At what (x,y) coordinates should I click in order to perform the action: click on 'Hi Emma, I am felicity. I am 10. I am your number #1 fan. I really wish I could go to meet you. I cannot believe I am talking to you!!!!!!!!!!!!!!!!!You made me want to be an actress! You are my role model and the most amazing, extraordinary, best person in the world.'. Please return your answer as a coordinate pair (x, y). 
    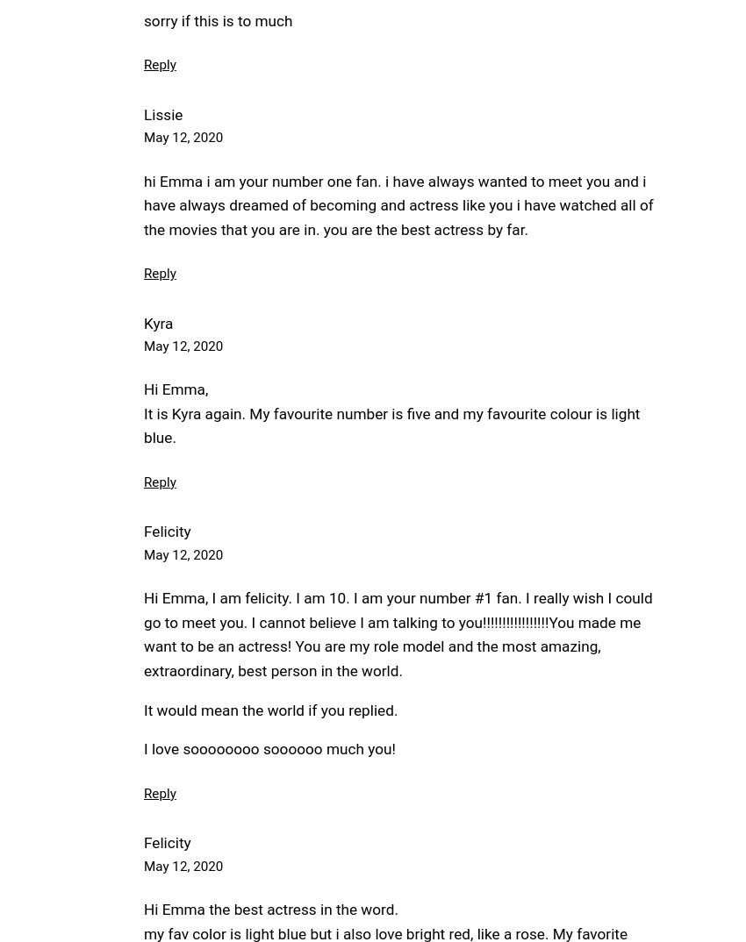
    Looking at the image, I should click on (143, 634).